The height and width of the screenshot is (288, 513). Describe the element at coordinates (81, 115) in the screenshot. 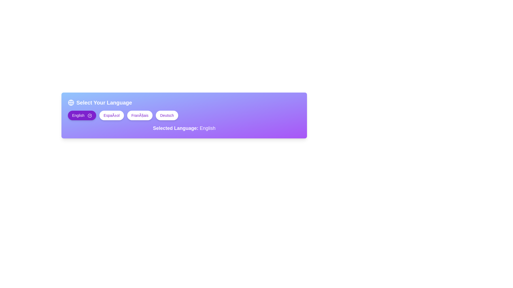

I see `the English language selection button, which is the first in a horizontal set of four language buttons` at that location.